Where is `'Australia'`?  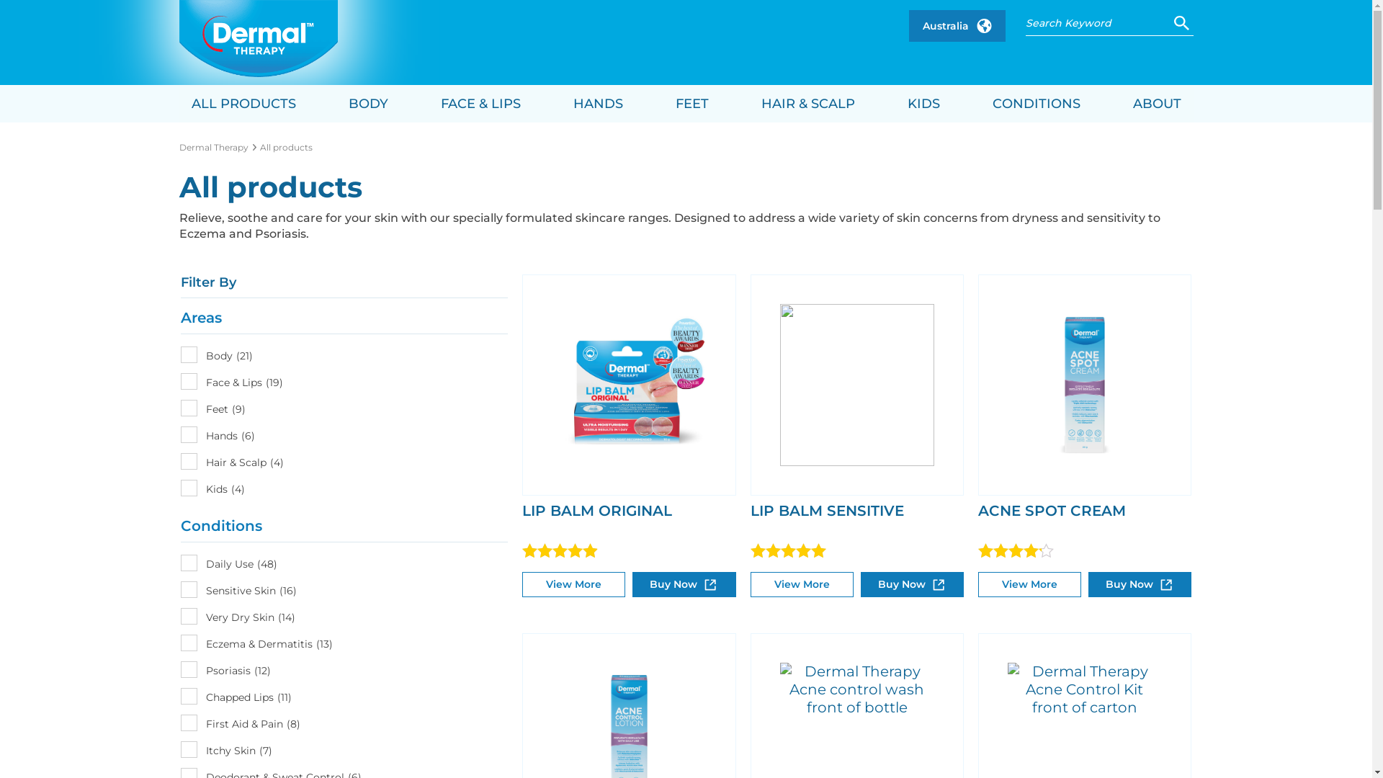
'Australia' is located at coordinates (957, 25).